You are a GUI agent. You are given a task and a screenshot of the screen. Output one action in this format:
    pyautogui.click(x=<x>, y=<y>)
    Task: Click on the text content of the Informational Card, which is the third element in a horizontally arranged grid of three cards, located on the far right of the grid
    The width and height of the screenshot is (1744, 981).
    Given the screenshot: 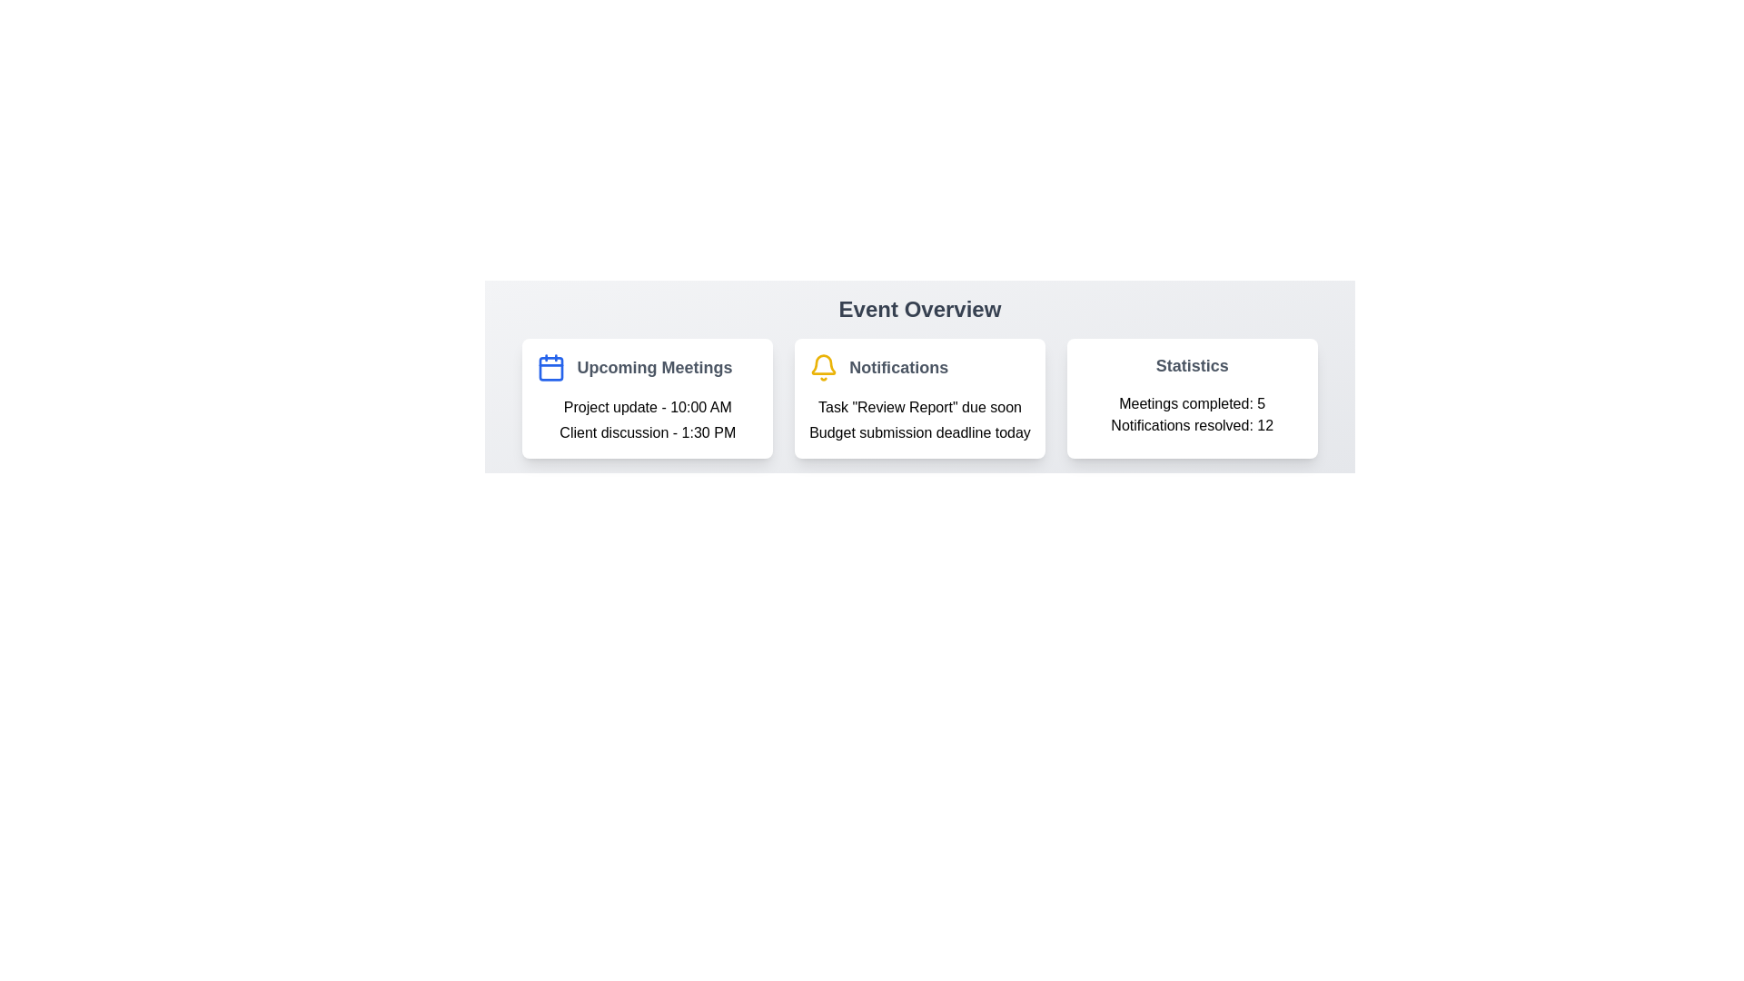 What is the action you would take?
    pyautogui.click(x=1192, y=398)
    